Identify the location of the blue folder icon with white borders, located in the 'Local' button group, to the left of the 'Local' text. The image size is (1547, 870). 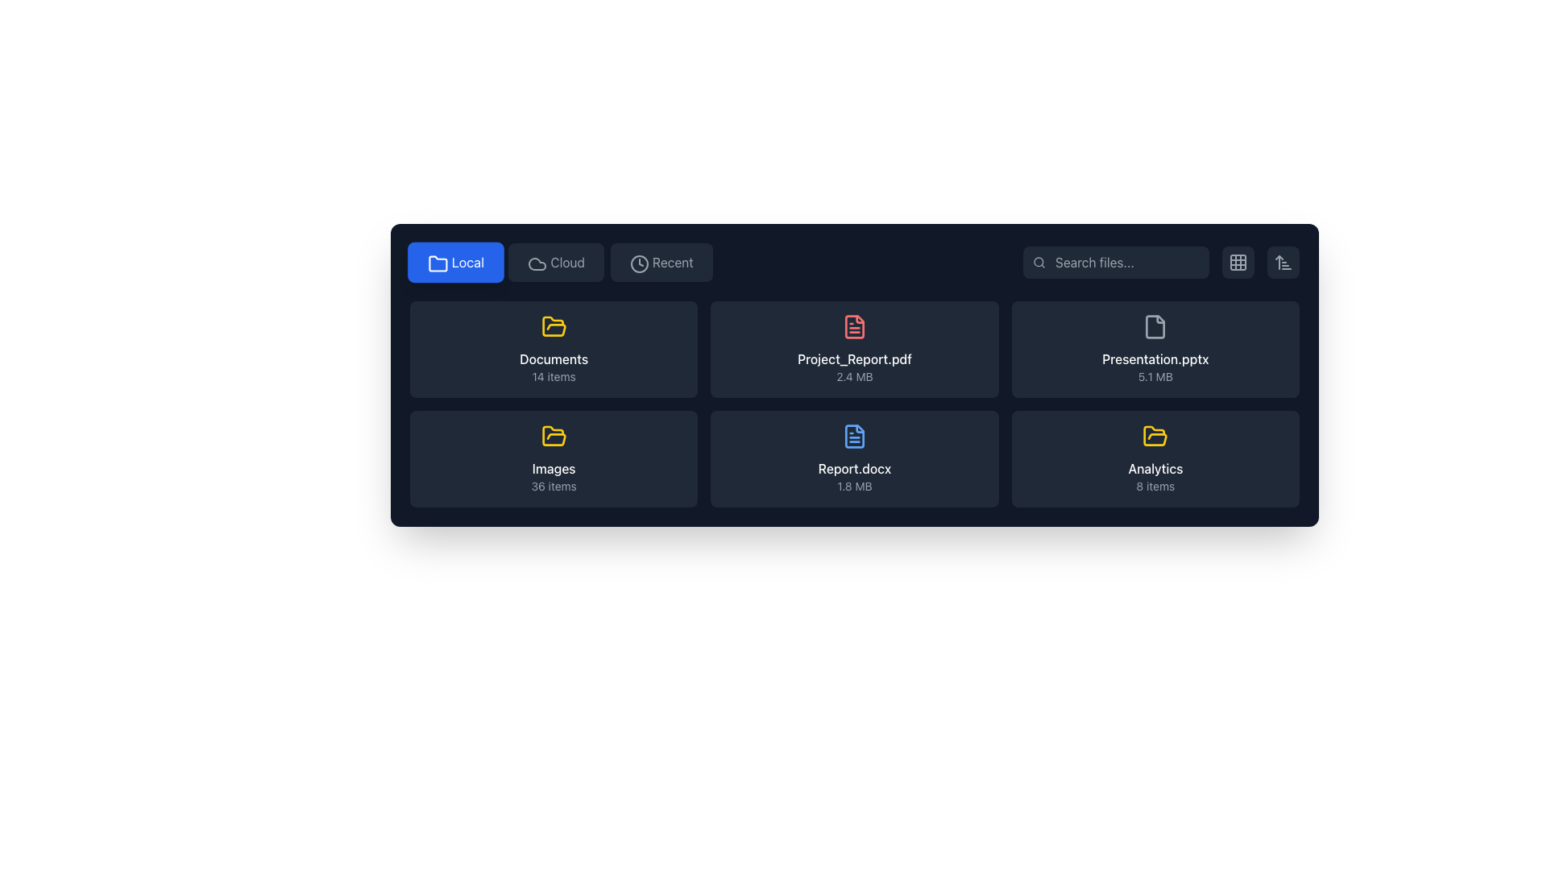
(436, 262).